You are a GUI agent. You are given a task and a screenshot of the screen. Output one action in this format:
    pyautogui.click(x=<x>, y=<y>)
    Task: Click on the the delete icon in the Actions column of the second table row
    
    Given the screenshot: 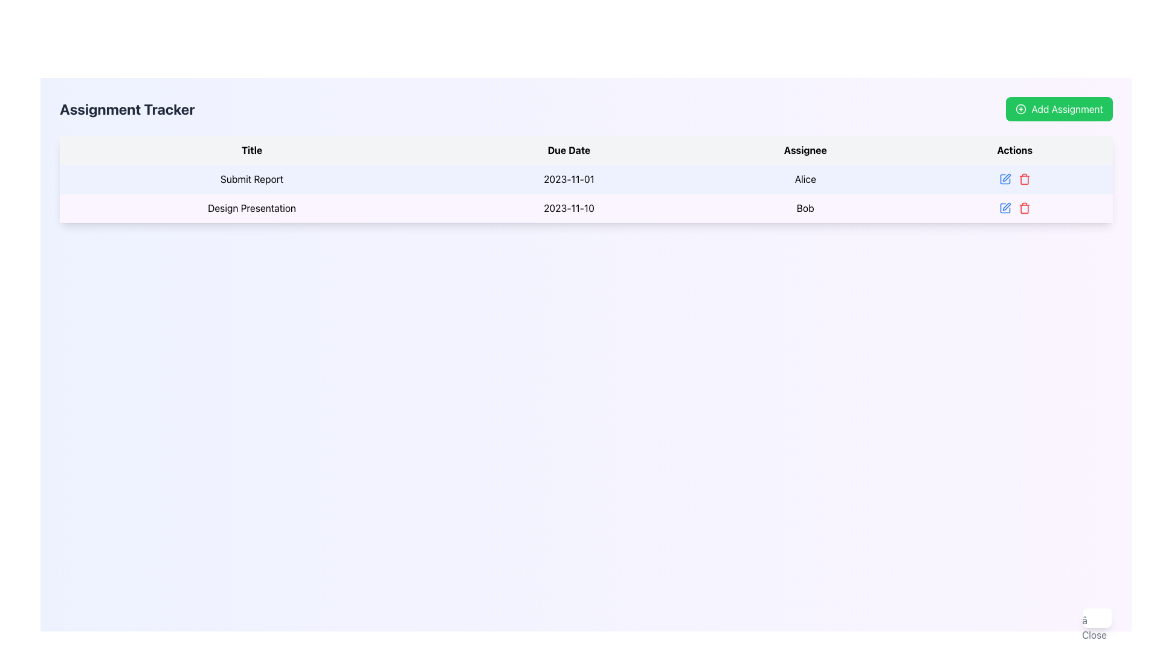 What is the action you would take?
    pyautogui.click(x=1023, y=207)
    